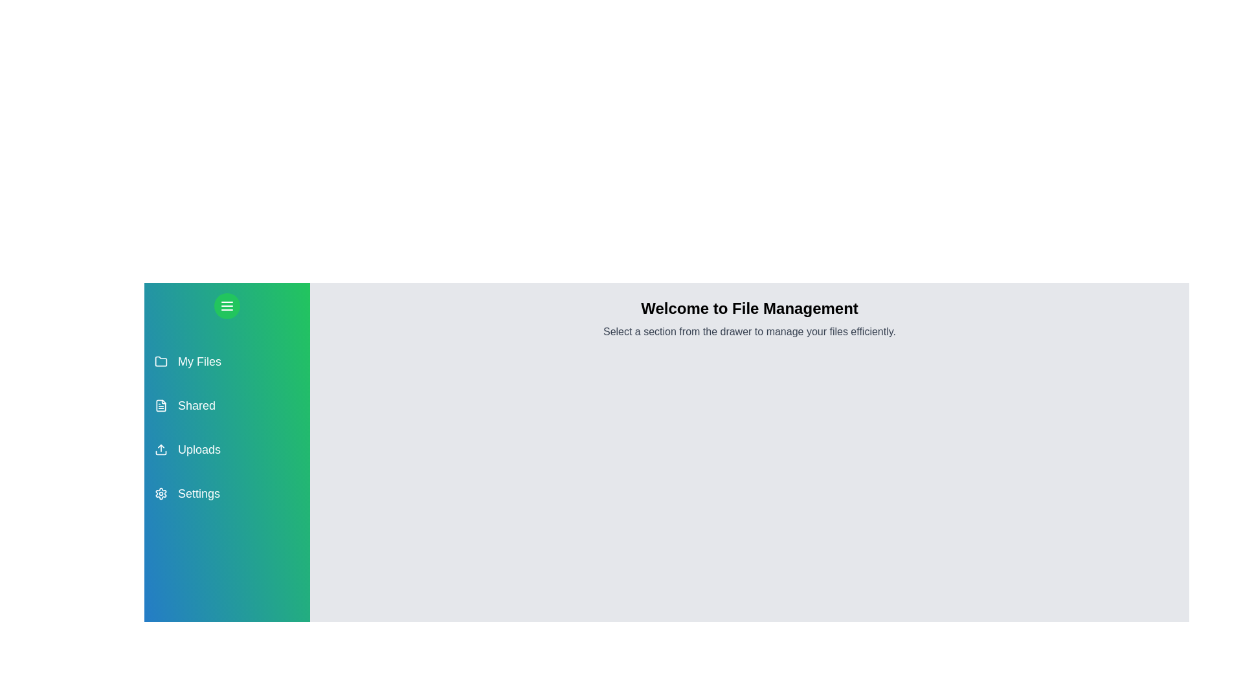 The height and width of the screenshot is (699, 1243). Describe the element at coordinates (227, 405) in the screenshot. I see `the section Shared from the drawer` at that location.